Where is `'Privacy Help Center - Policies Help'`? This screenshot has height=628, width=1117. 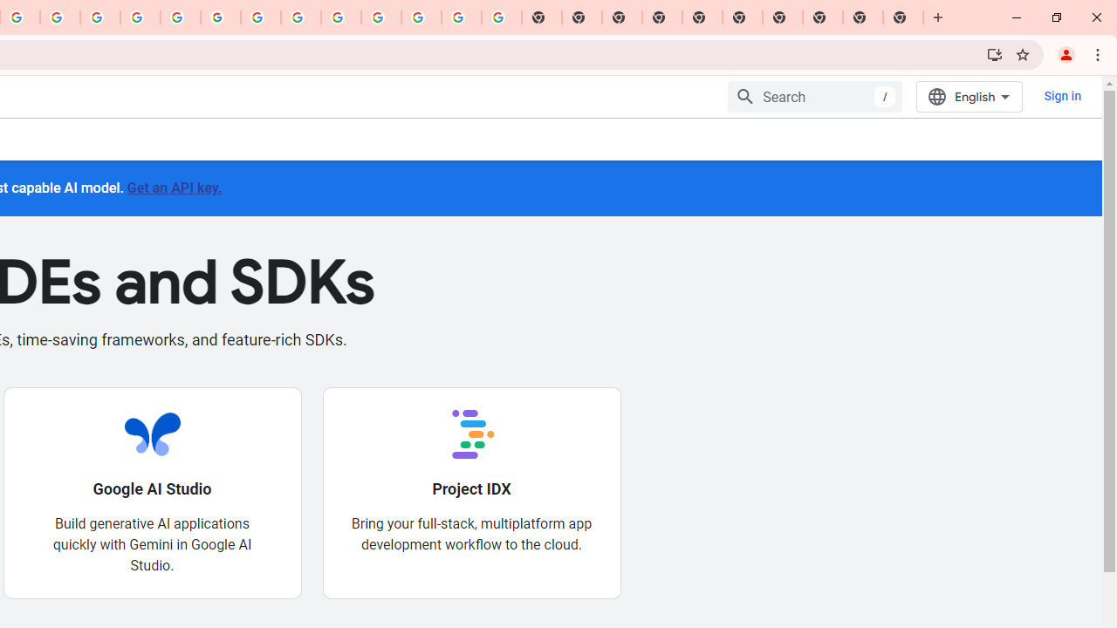 'Privacy Help Center - Policies Help' is located at coordinates (140, 17).